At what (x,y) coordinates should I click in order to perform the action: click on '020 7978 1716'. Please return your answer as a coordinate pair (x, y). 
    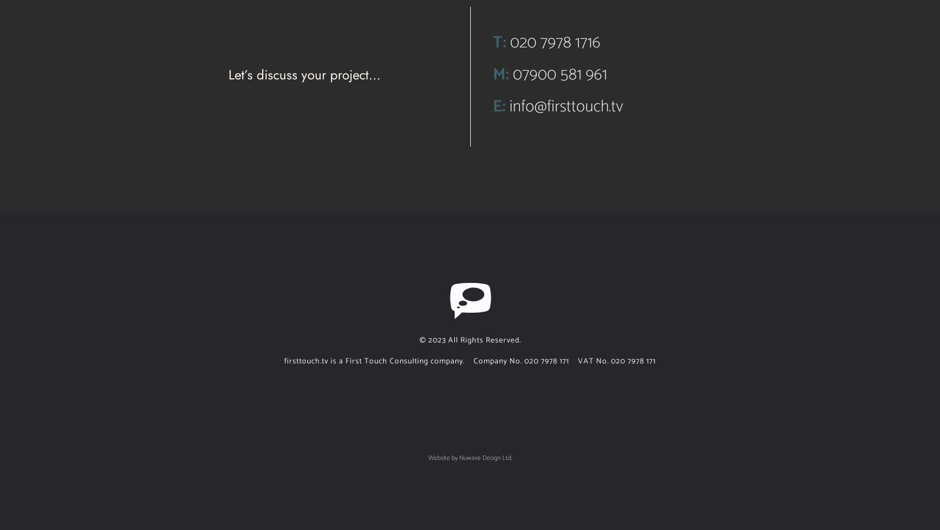
    Looking at the image, I should click on (554, 42).